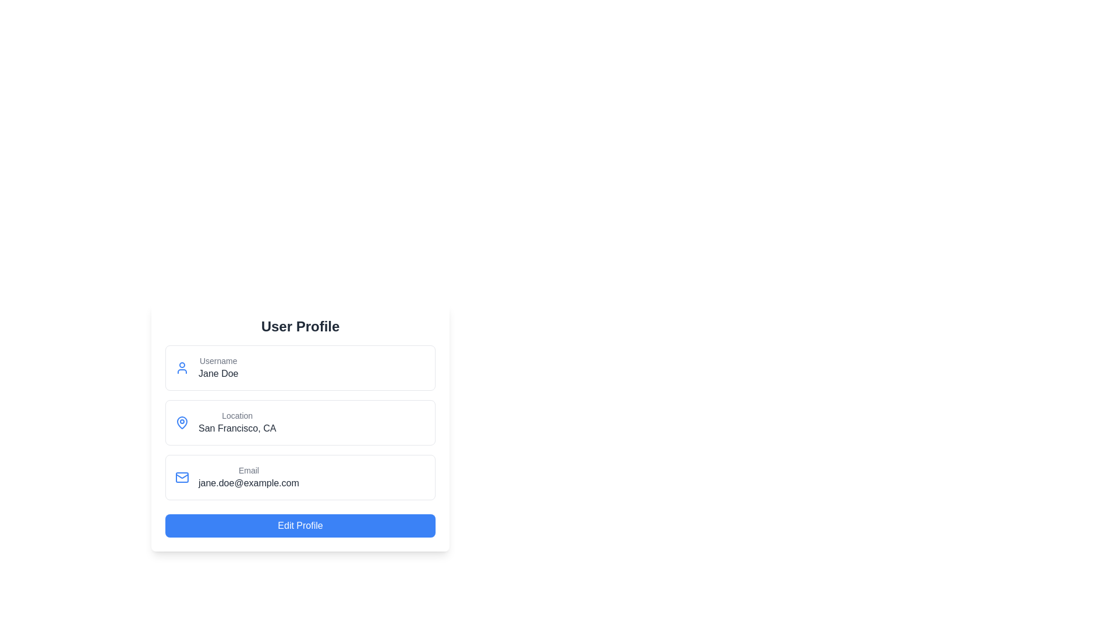 The height and width of the screenshot is (629, 1118). I want to click on the email icon adjacent to 'jane.doe@example.com' in the email section of the profile interface, so click(181, 478).